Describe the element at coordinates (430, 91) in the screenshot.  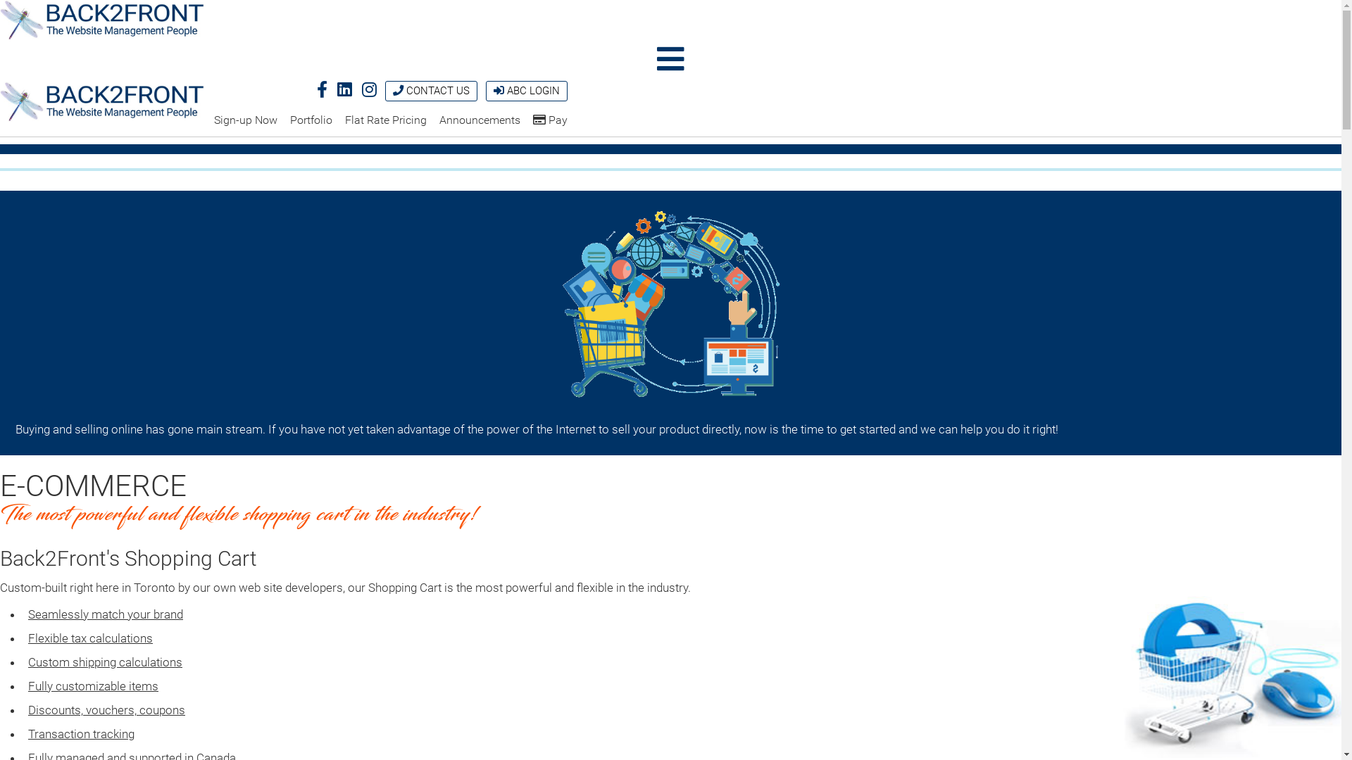
I see `'CONTACT US'` at that location.